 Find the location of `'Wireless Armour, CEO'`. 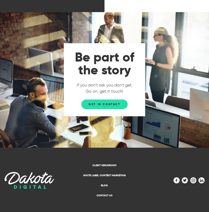

'Wireless Armour, CEO' is located at coordinates (124, 191).